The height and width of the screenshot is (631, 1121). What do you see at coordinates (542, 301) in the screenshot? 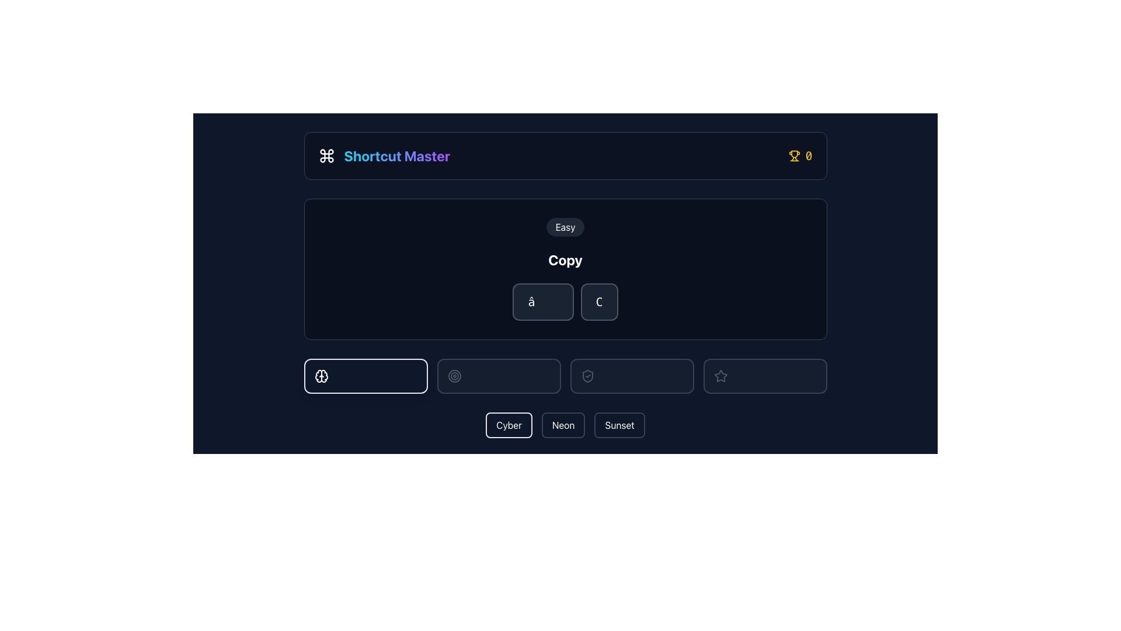
I see `the left button located under the title 'Copy'` at bounding box center [542, 301].